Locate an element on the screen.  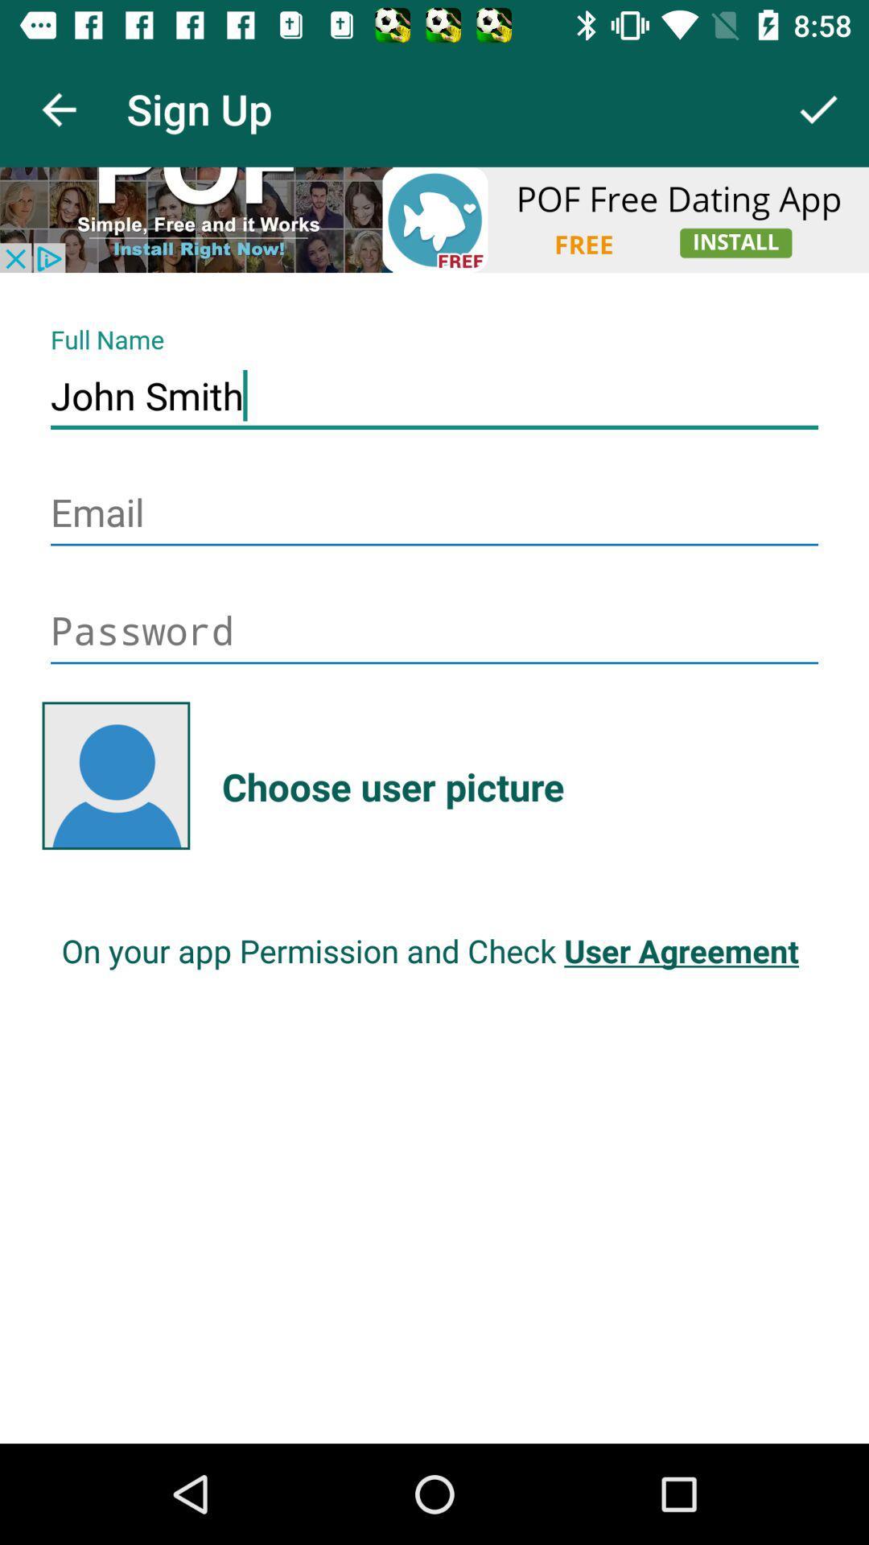
input information is located at coordinates (434, 513).